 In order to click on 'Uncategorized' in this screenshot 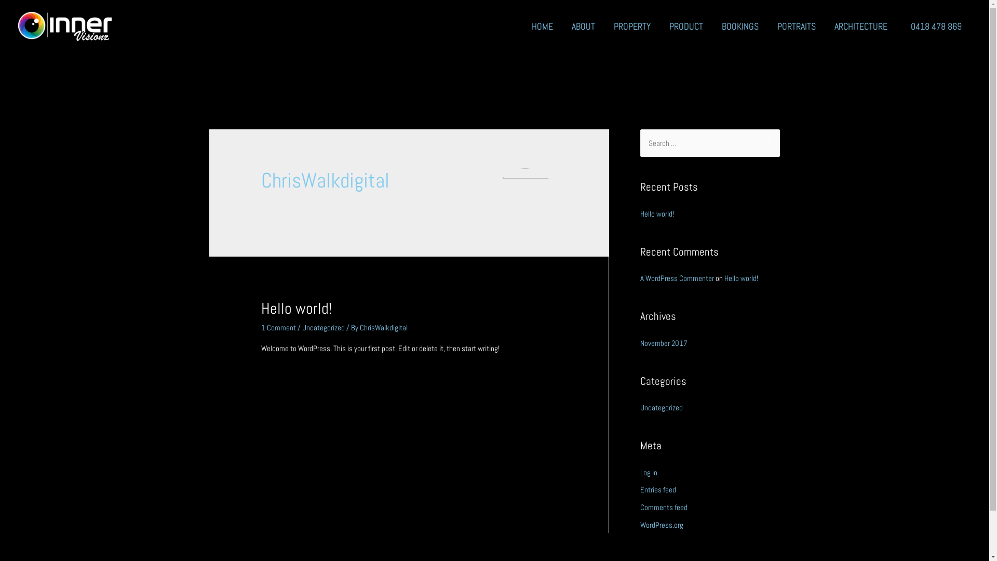, I will do `click(323, 327)`.